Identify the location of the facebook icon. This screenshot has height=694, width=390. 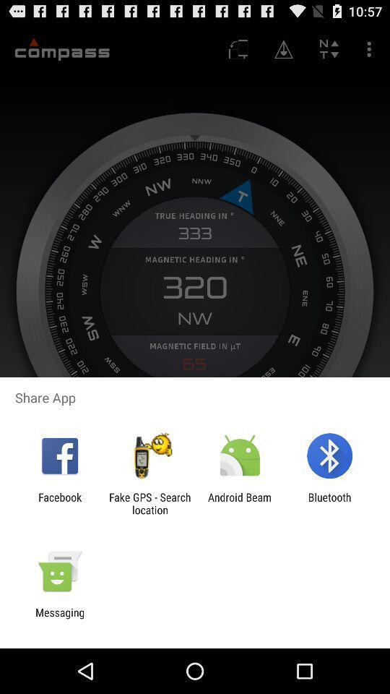
(59, 503).